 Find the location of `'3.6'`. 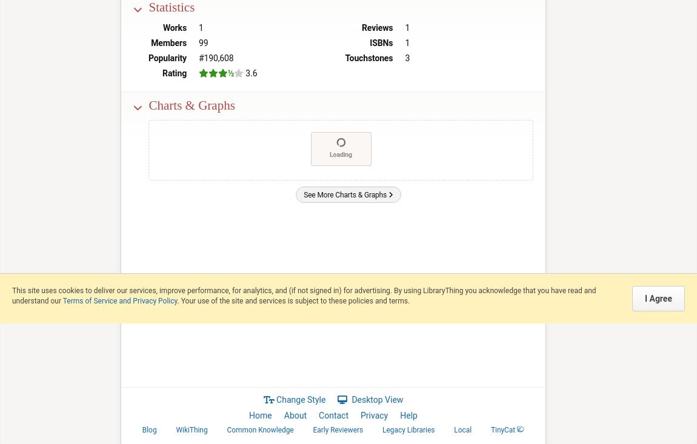

'3.6' is located at coordinates (250, 72).